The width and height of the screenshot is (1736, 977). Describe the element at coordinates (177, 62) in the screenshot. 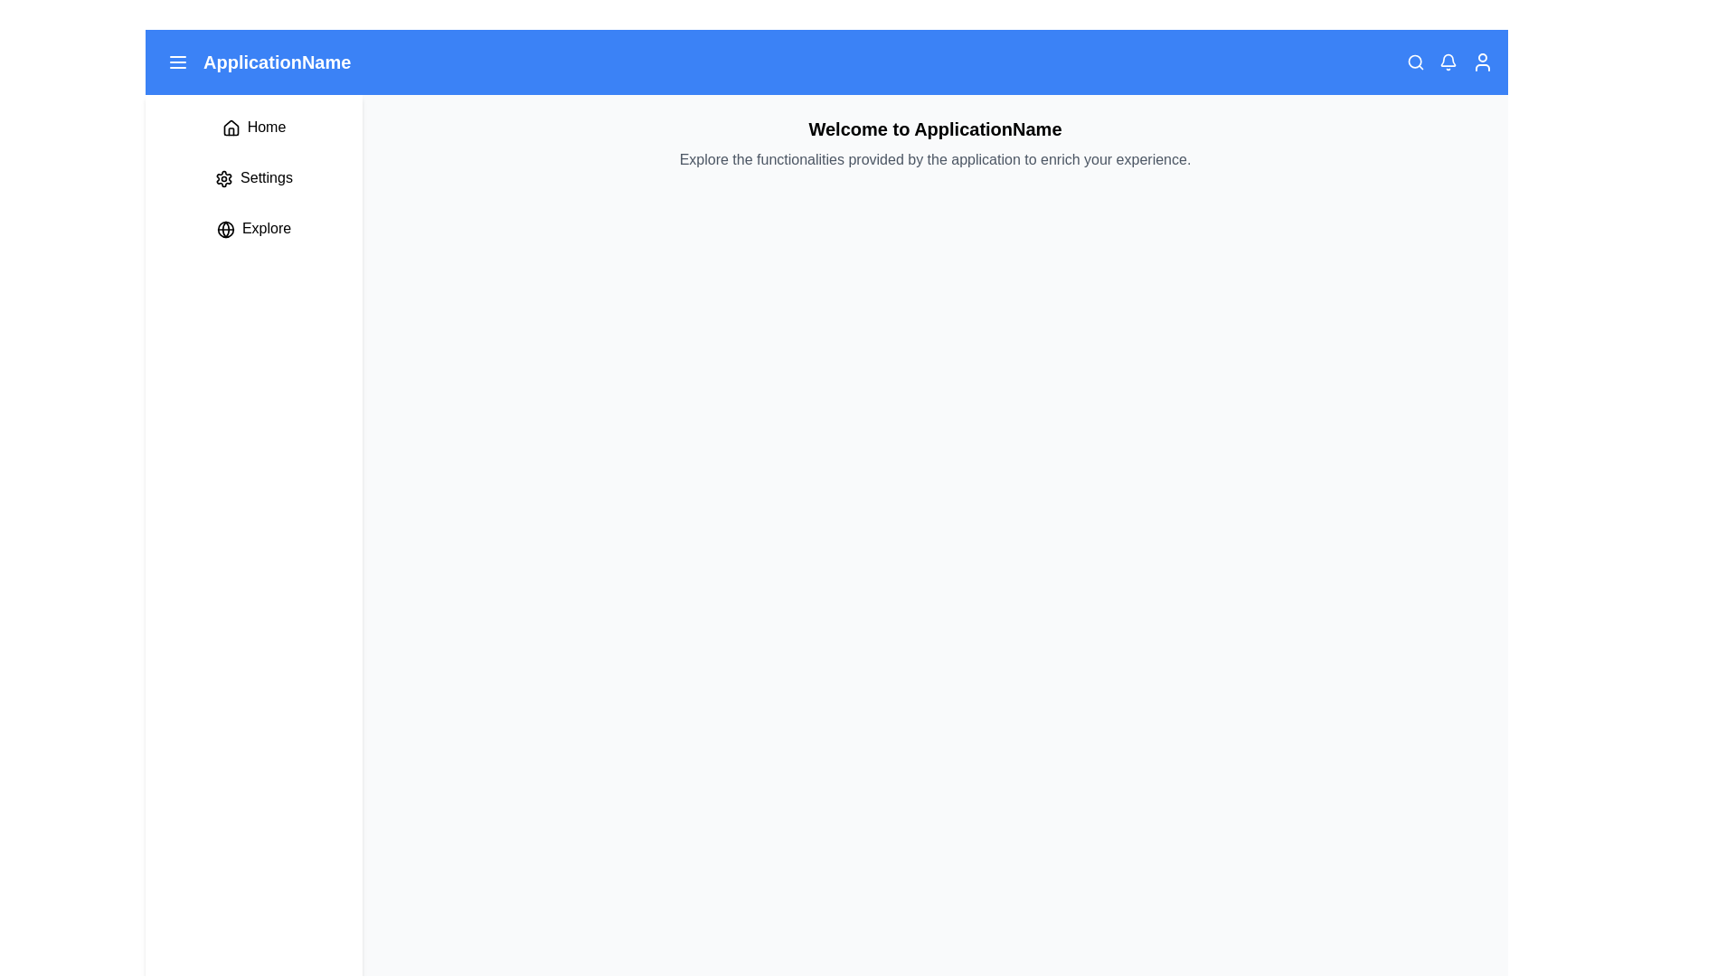

I see `the small circular button with a light blue background and hamburger menu icon located in the top-left corner of the application header bar` at that location.